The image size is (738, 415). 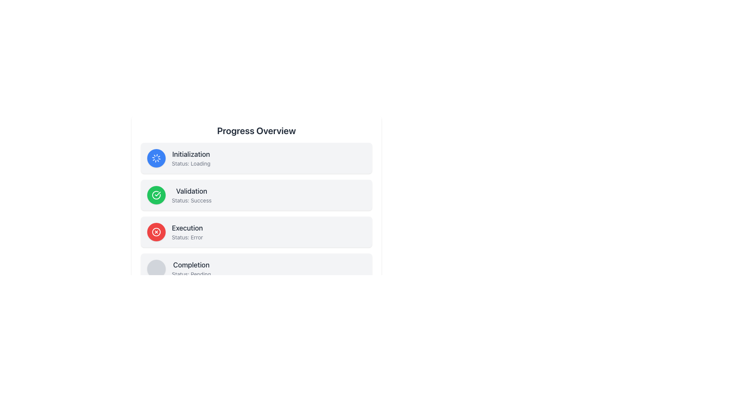 What do you see at coordinates (191, 191) in the screenshot?
I see `text label displaying 'Validation' located centrally in a horizontal layout, adjacent to a green circular icon with a white checkmark` at bounding box center [191, 191].